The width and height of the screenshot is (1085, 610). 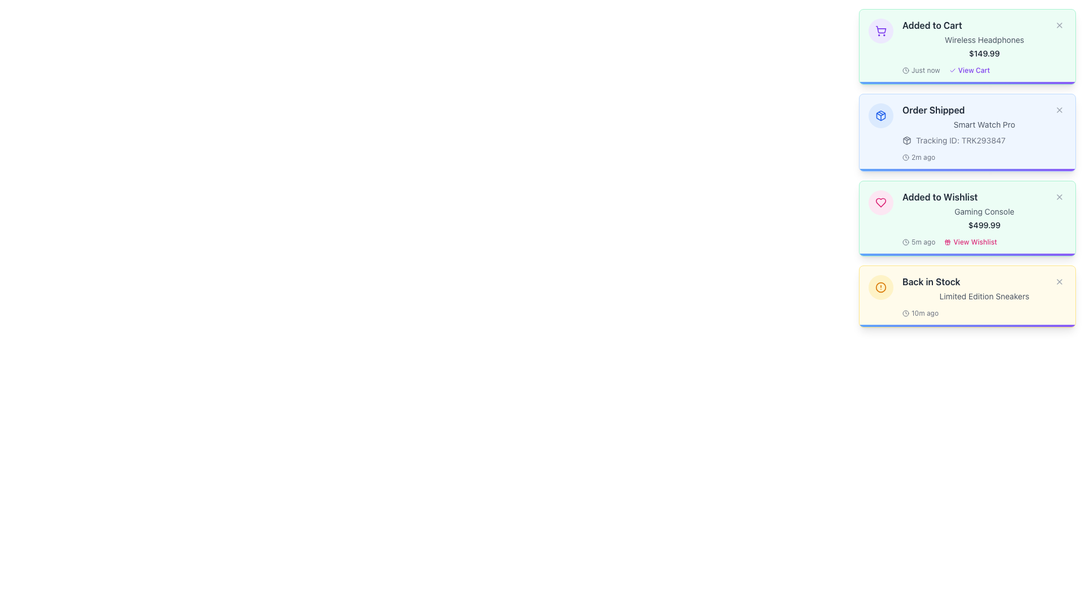 What do you see at coordinates (906, 241) in the screenshot?
I see `the small clock icon located in the lower section of the 'Added to Wishlist' notification, which is part of the timestamp UI component` at bounding box center [906, 241].